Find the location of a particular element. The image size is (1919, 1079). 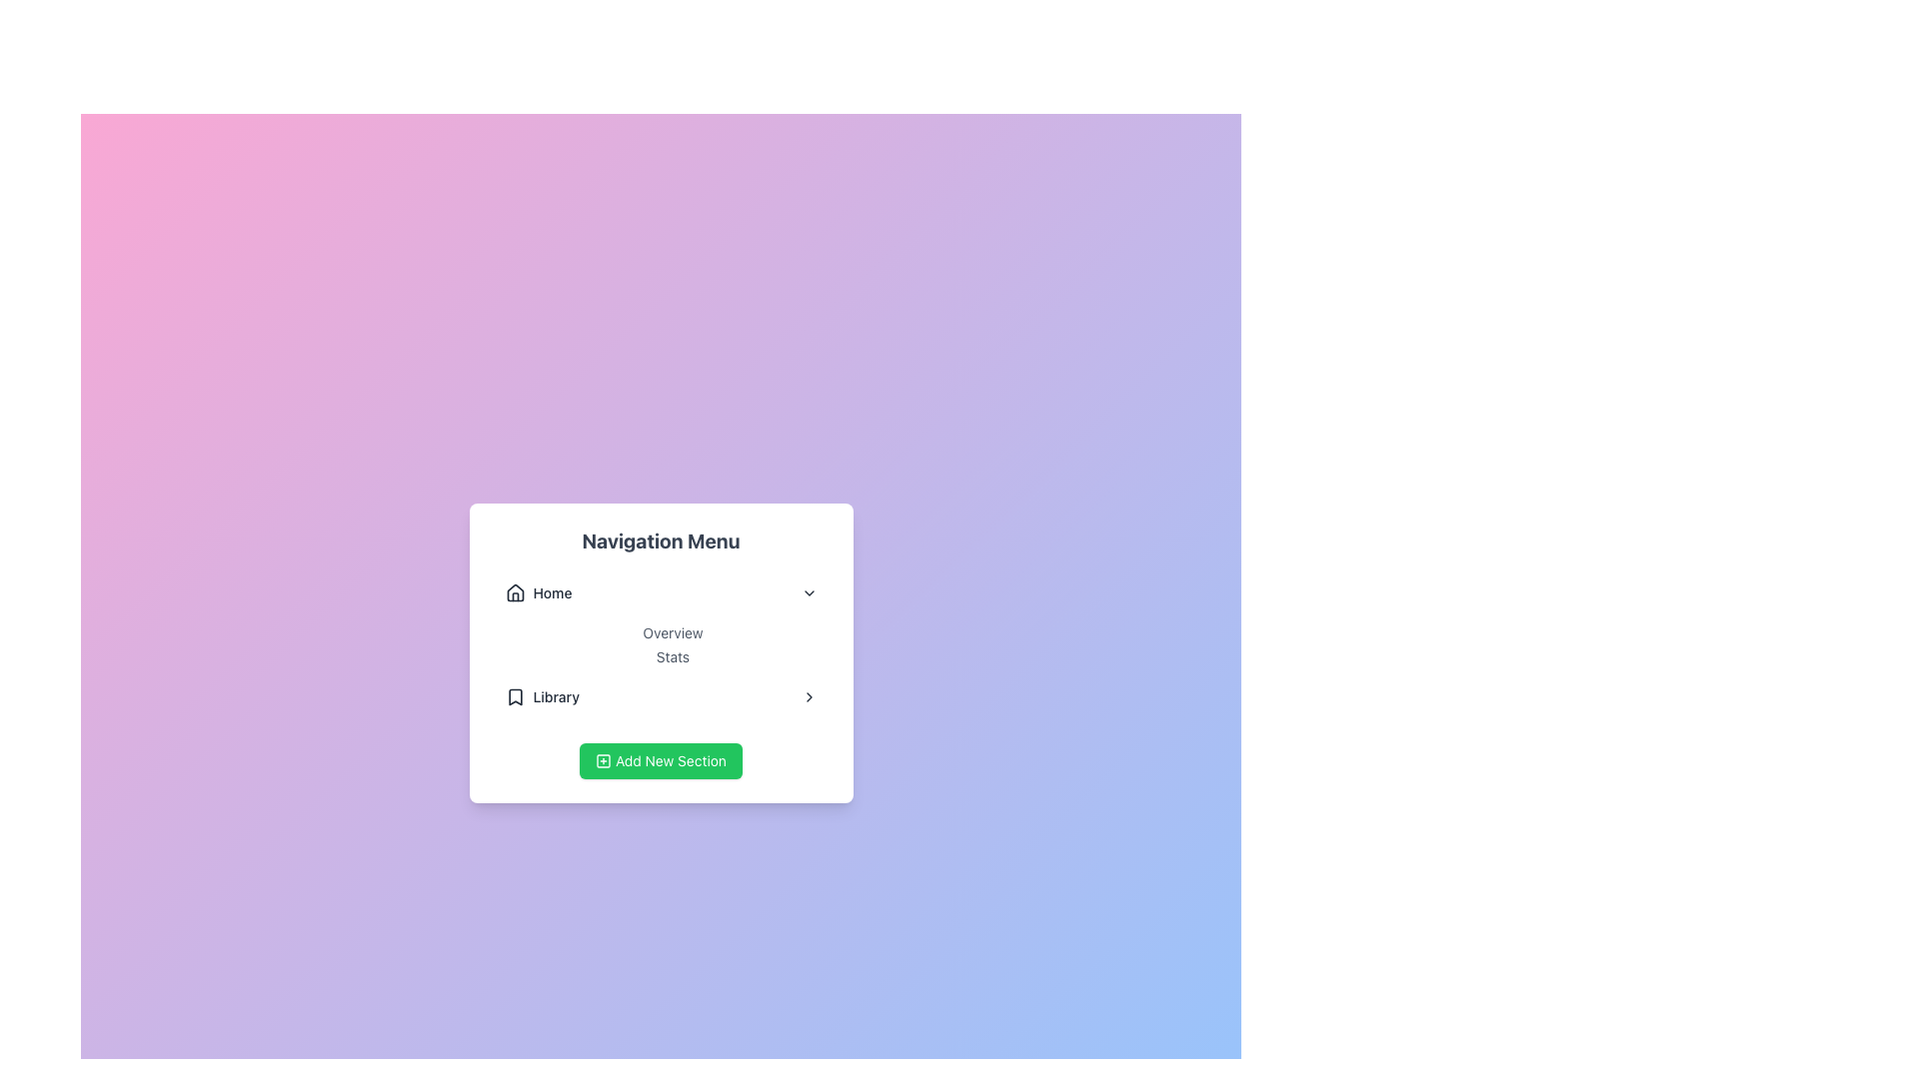

the 'Overview' navigation link located in the Home section of the navigation menu, which is positioned right below the 'Home' entry and above the 'Library' entry is located at coordinates (661, 618).